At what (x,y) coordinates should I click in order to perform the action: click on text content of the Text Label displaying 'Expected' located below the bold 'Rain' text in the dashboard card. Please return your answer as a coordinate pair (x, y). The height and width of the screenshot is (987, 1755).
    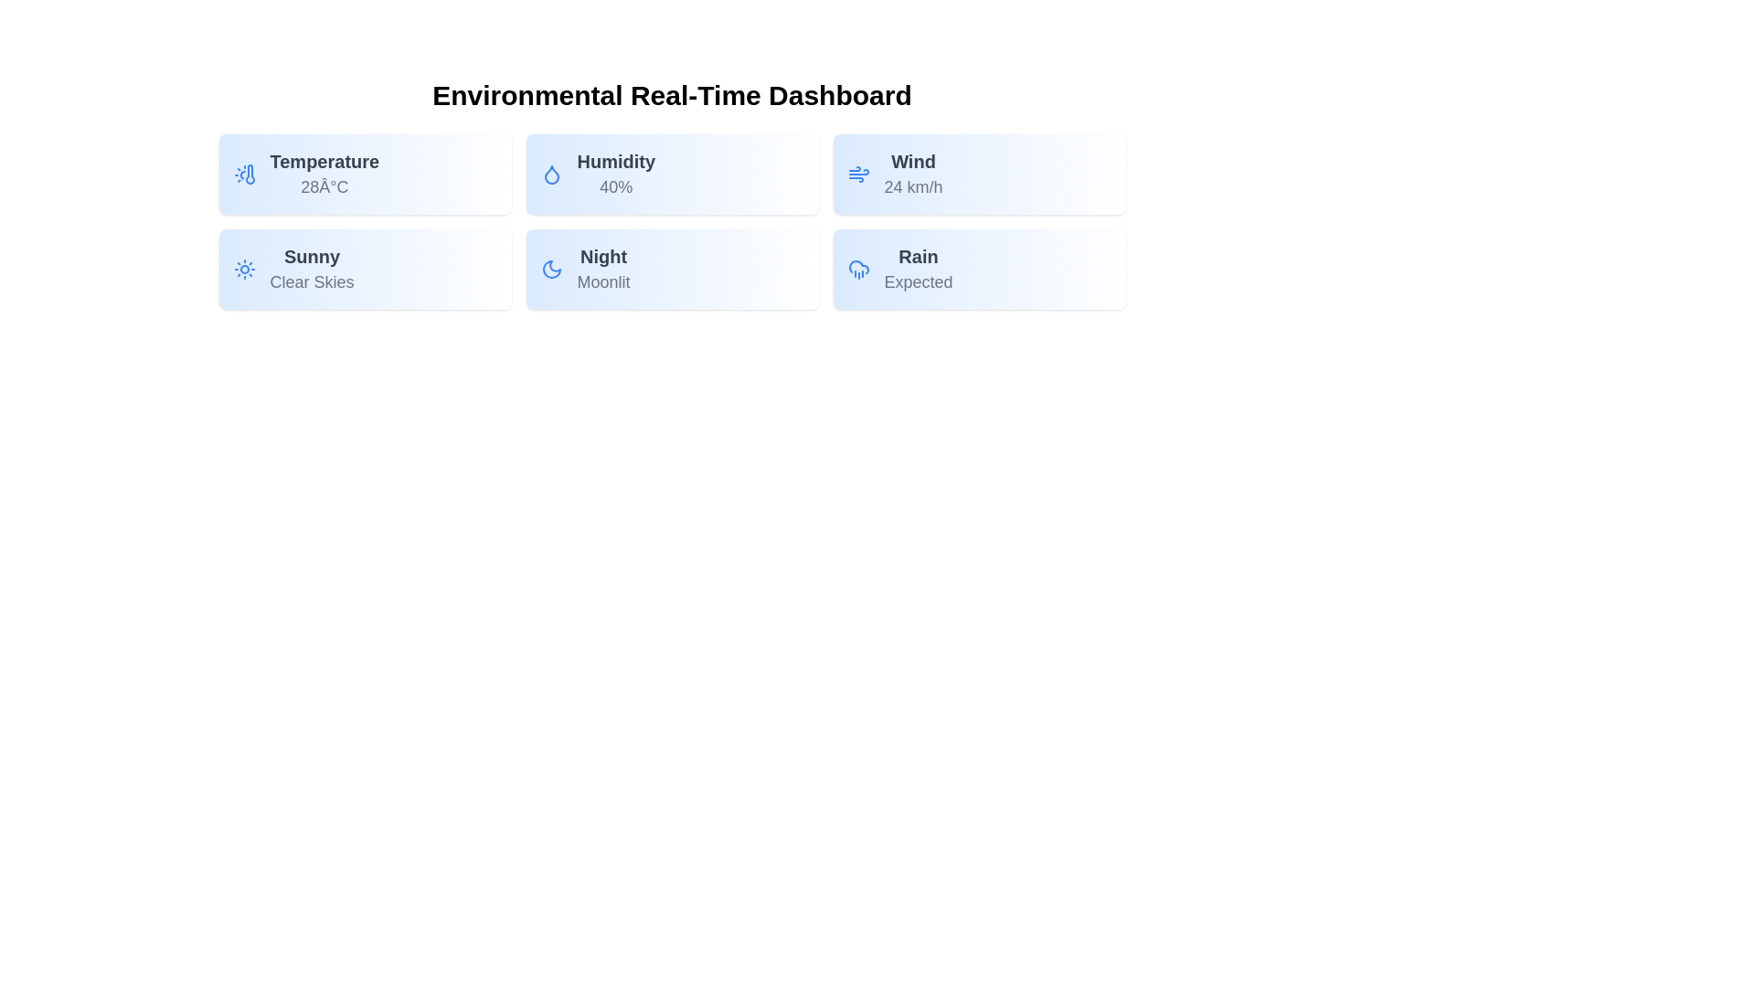
    Looking at the image, I should click on (919, 281).